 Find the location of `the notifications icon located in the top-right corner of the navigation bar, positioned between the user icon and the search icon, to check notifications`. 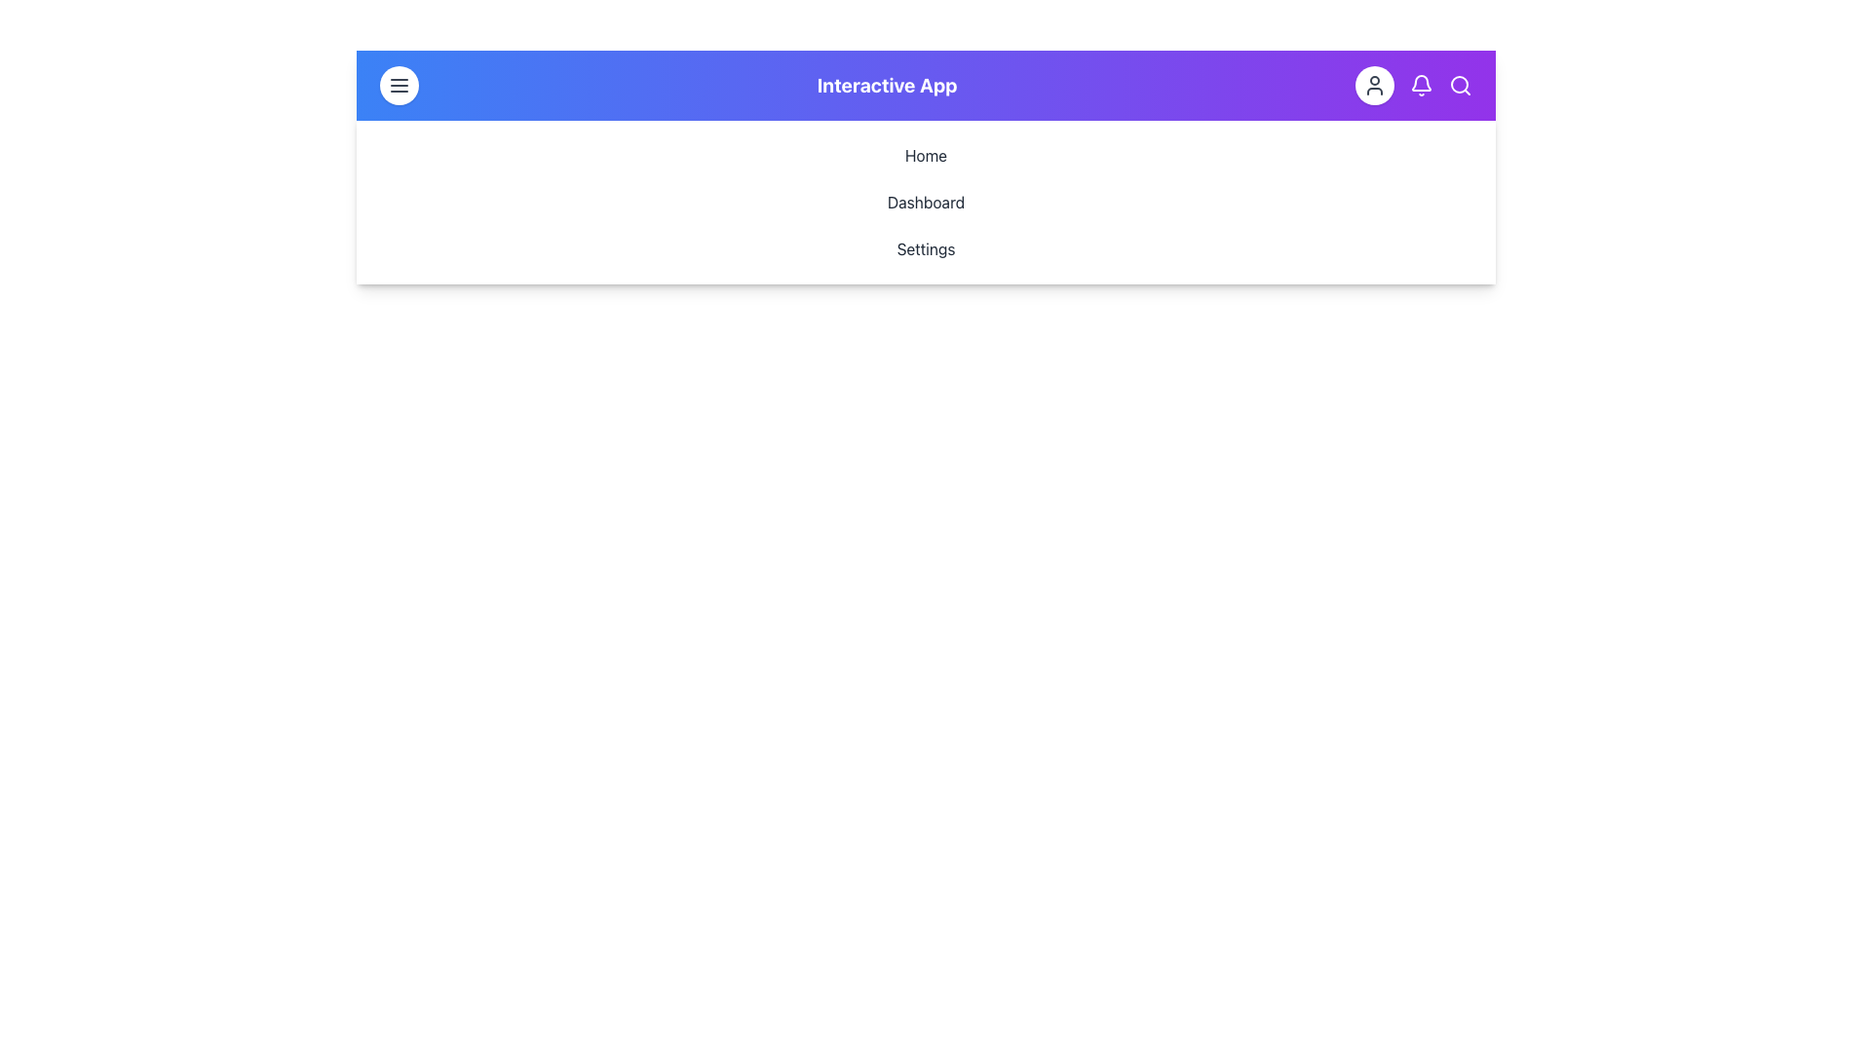

the notifications icon located in the top-right corner of the navigation bar, positioned between the user icon and the search icon, to check notifications is located at coordinates (1422, 85).